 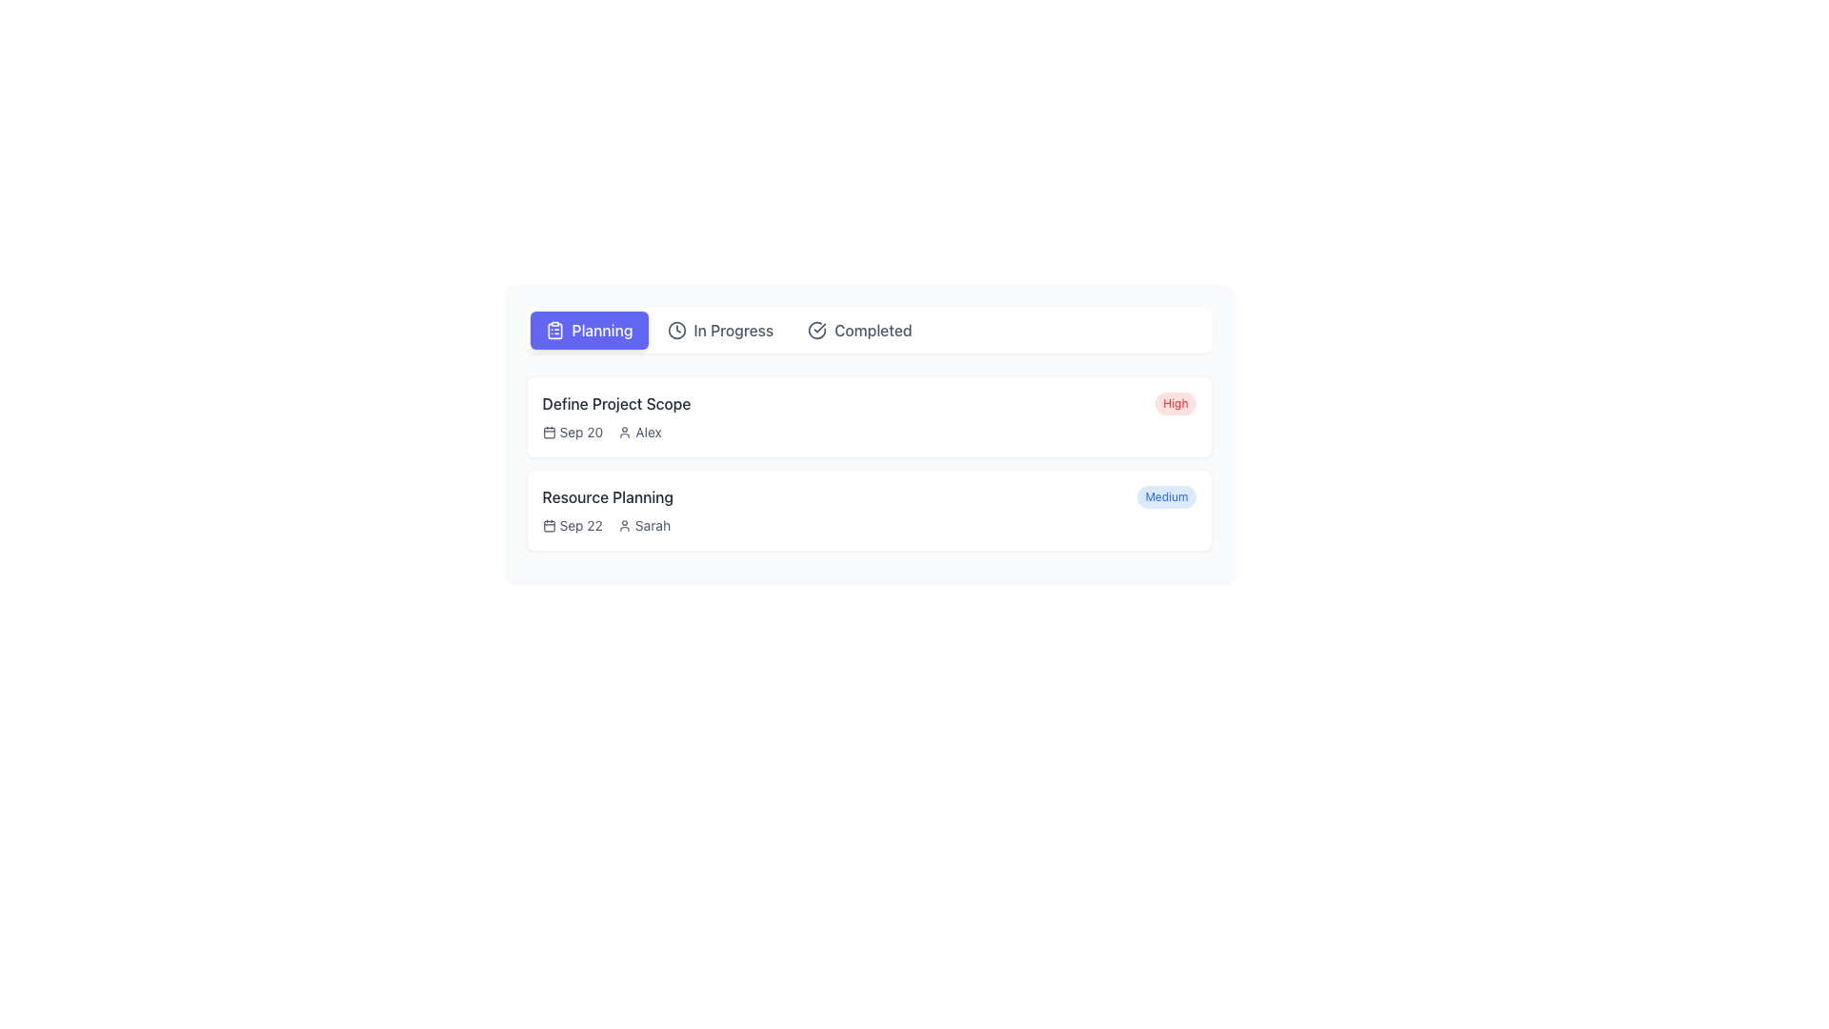 I want to click on the upper task card in the 'Planning' section, so click(x=868, y=416).